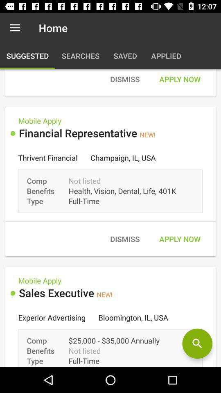 Image resolution: width=221 pixels, height=393 pixels. I want to click on search option, so click(197, 343).